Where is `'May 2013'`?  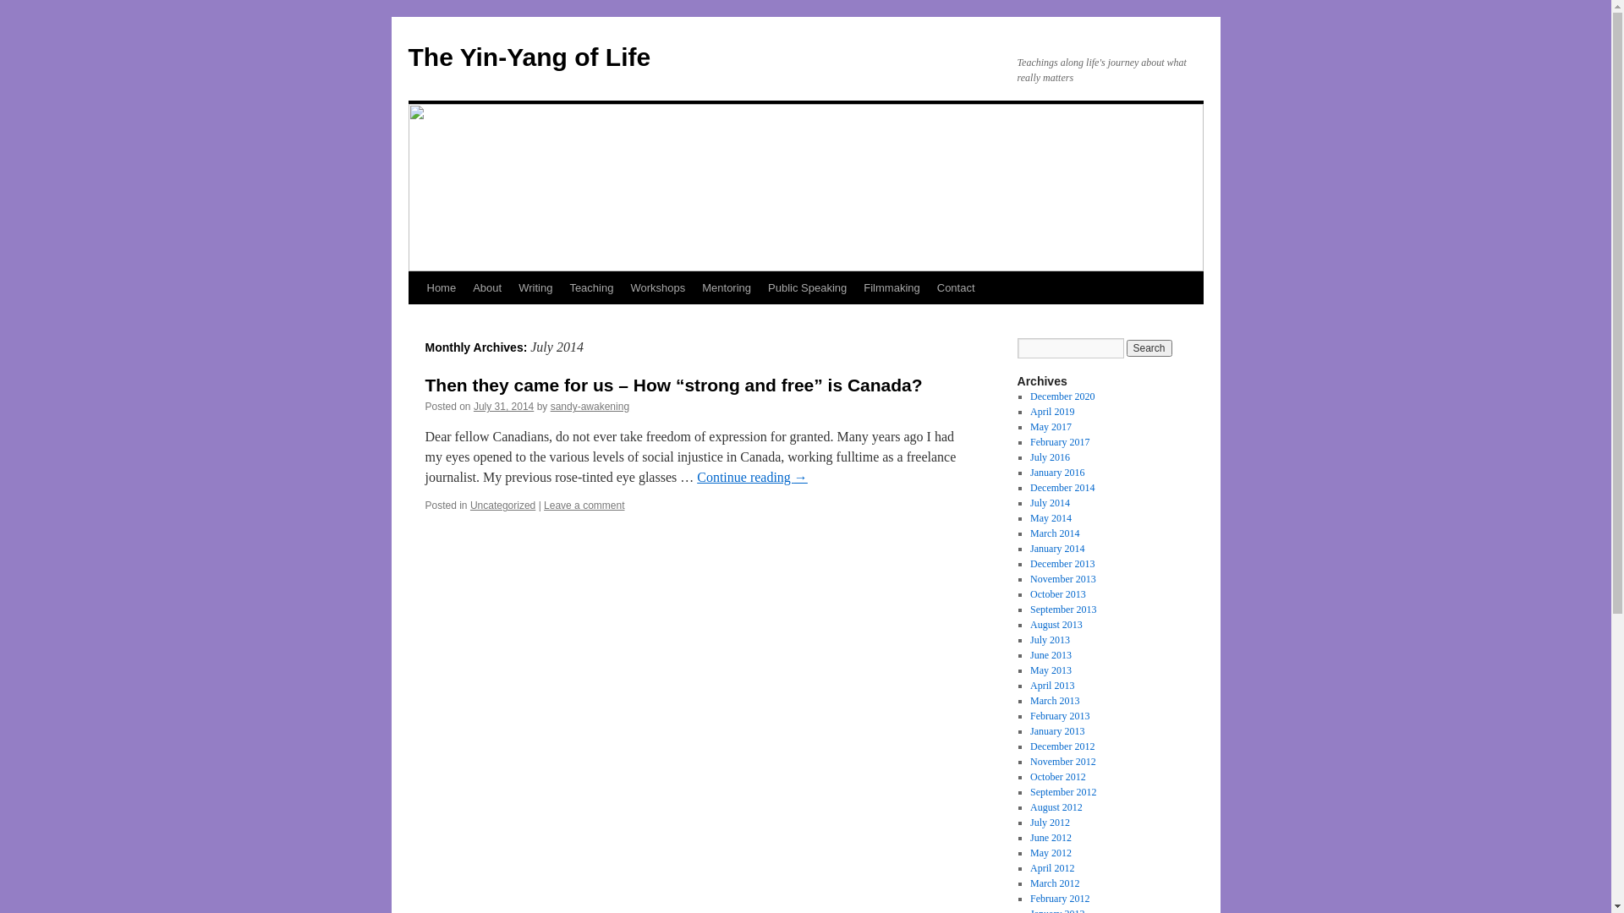 'May 2013' is located at coordinates (1050, 670).